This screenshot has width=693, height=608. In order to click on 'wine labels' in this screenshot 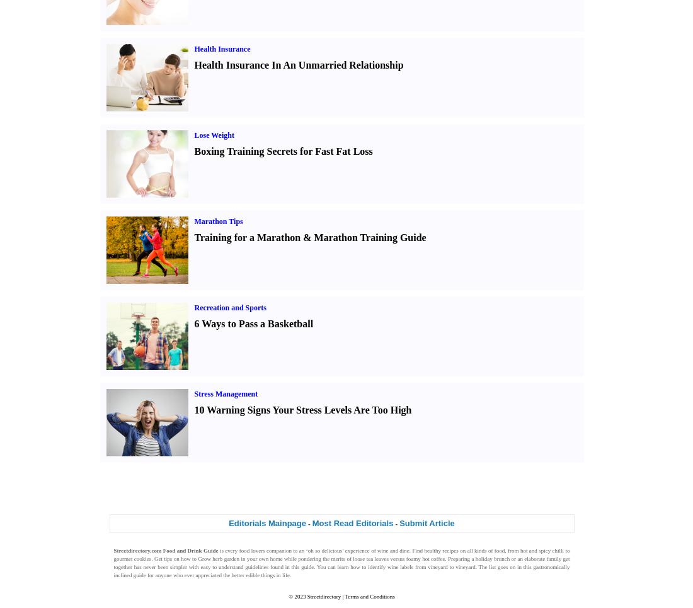, I will do `click(400, 566)`.